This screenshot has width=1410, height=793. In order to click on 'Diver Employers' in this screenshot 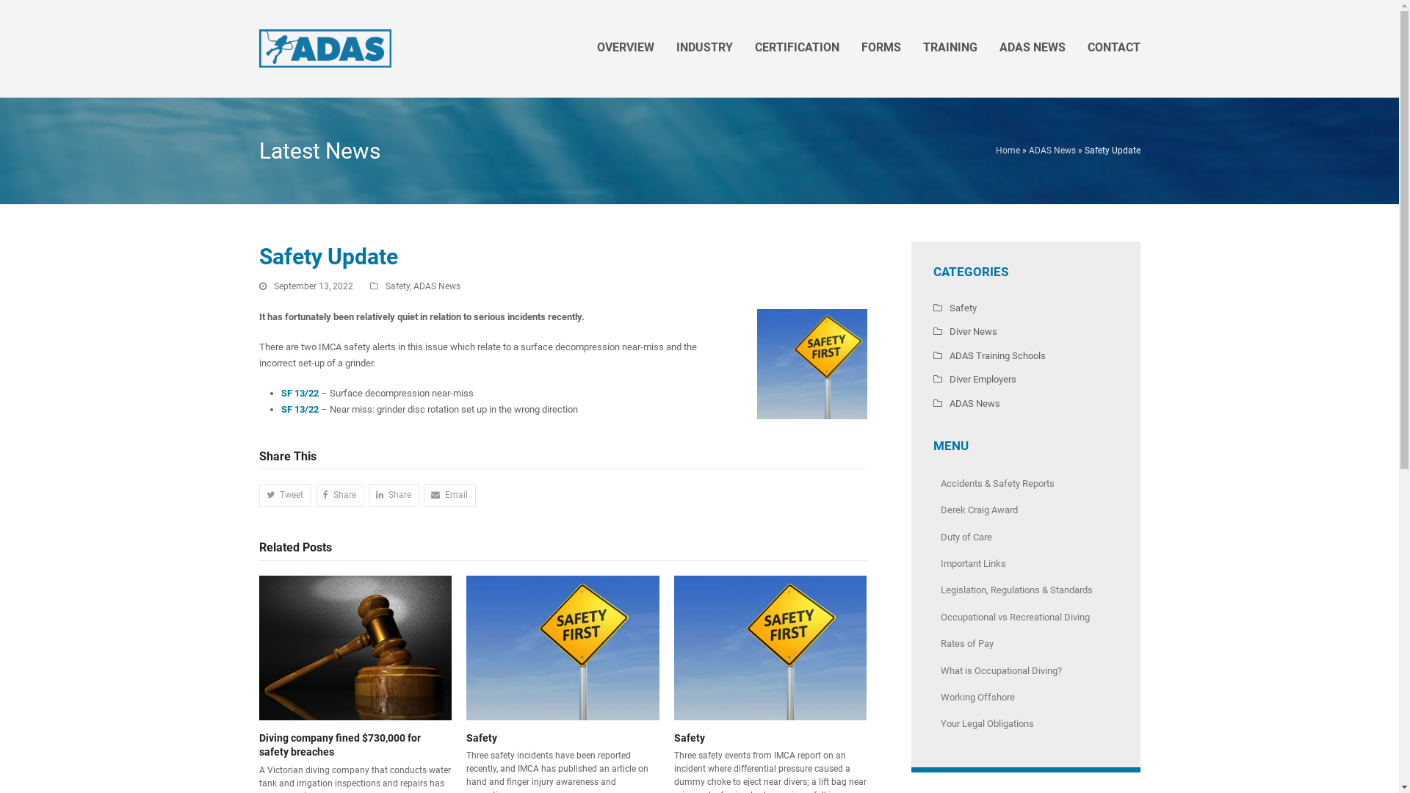, I will do `click(974, 378)`.